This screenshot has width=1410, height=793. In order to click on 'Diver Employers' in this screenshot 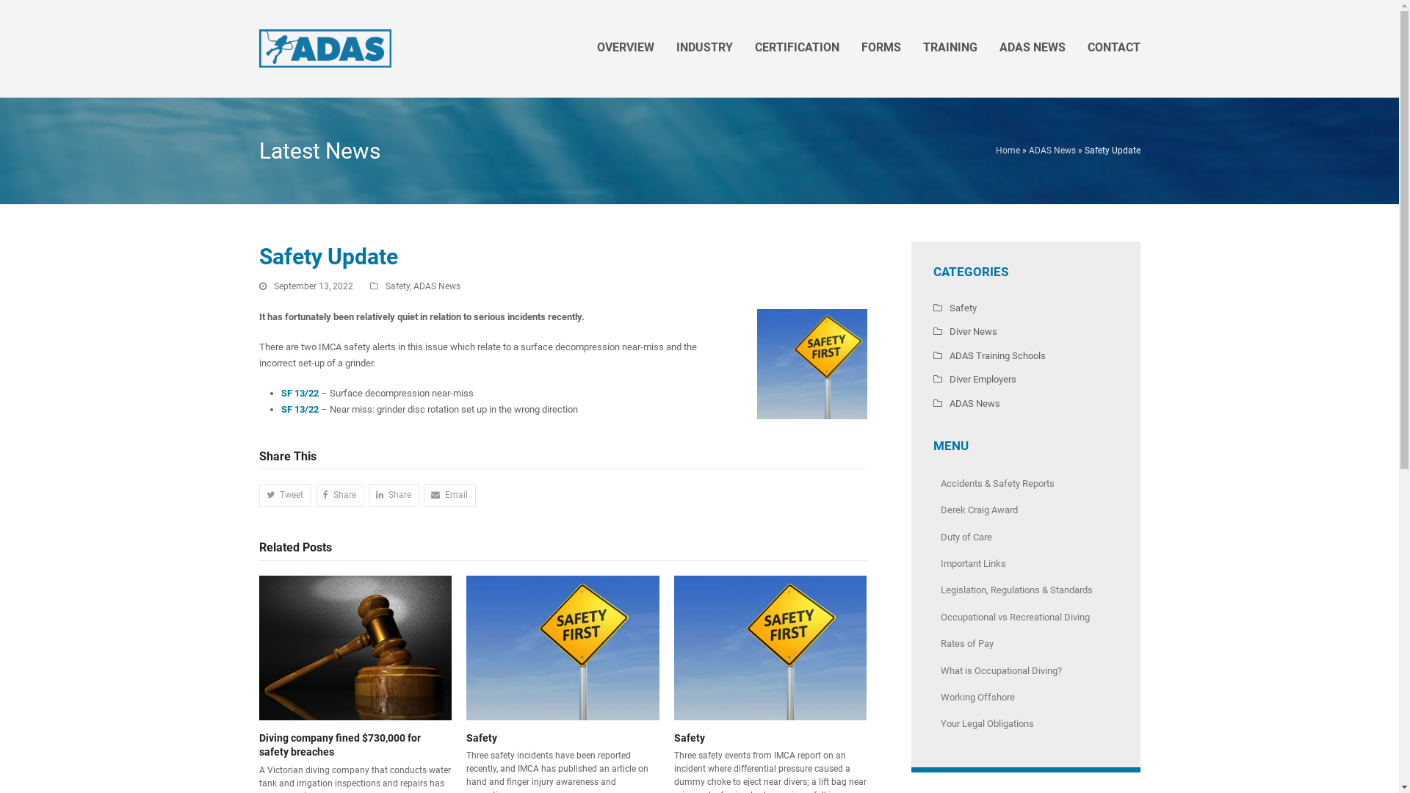, I will do `click(974, 378)`.